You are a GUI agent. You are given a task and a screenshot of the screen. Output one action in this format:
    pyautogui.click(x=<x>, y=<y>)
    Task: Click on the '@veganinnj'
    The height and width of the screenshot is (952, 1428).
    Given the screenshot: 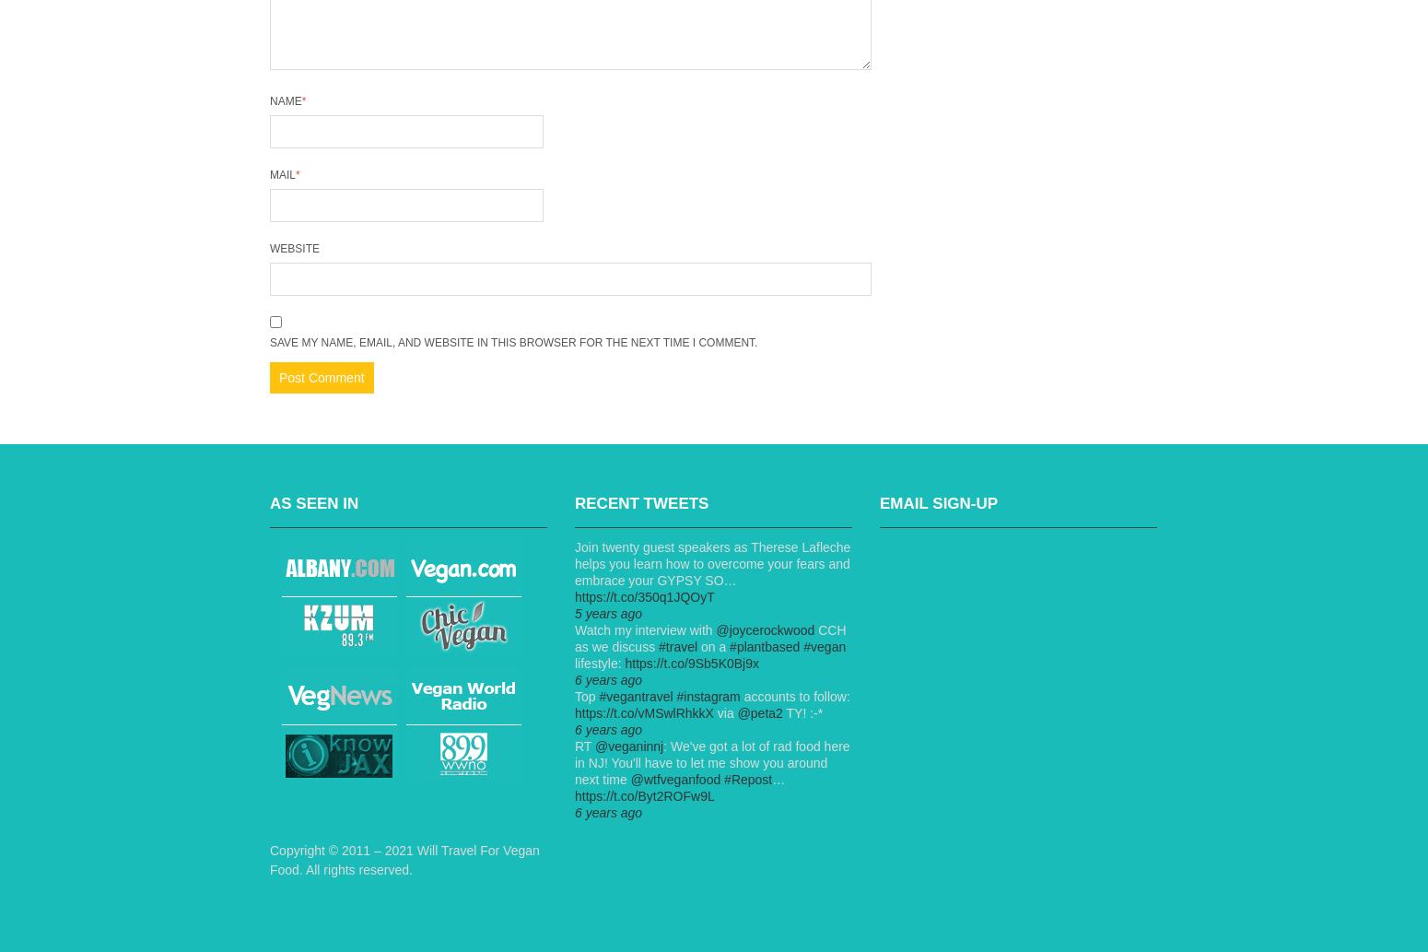 What is the action you would take?
    pyautogui.click(x=627, y=746)
    